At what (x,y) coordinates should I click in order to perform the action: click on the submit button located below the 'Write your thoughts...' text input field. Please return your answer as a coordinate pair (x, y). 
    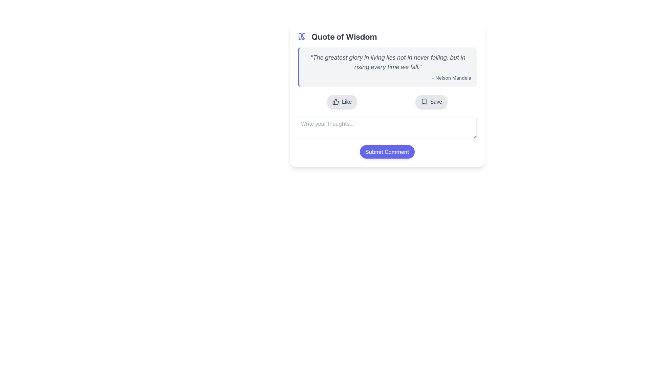
    Looking at the image, I should click on (387, 151).